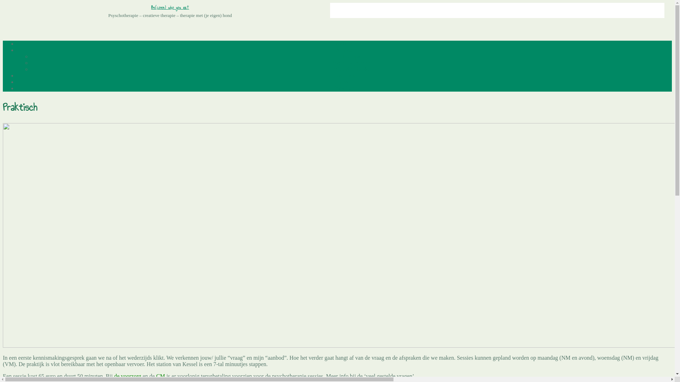  What do you see at coordinates (160, 376) in the screenshot?
I see `'CM'` at bounding box center [160, 376].